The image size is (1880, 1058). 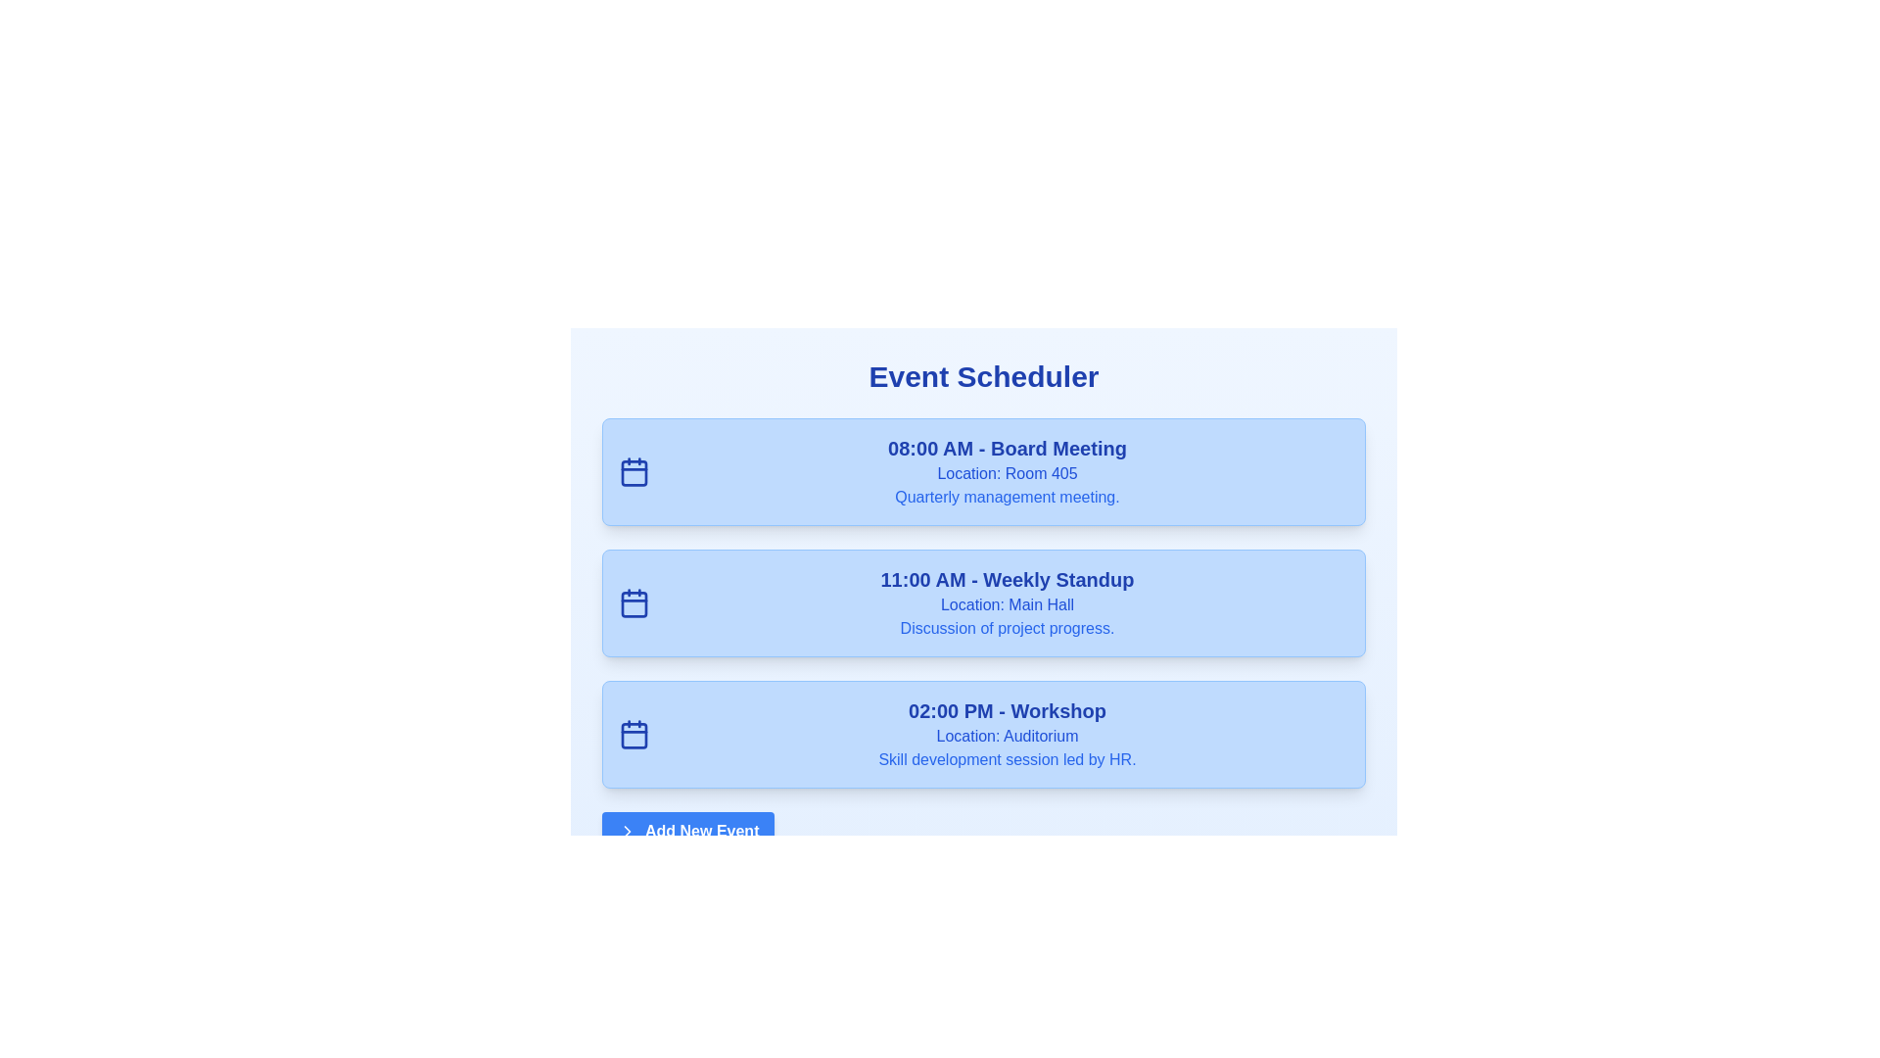 What do you see at coordinates (1007, 734) in the screenshot?
I see `the text block titled '02:00 PM - Workshop'` at bounding box center [1007, 734].